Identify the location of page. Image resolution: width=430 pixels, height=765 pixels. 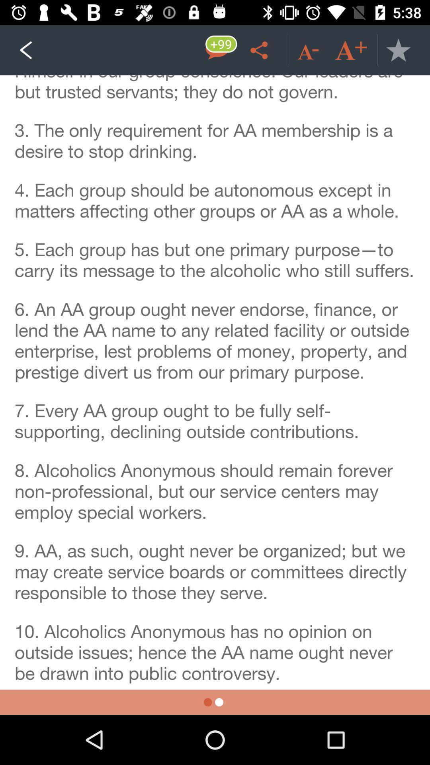
(398, 49).